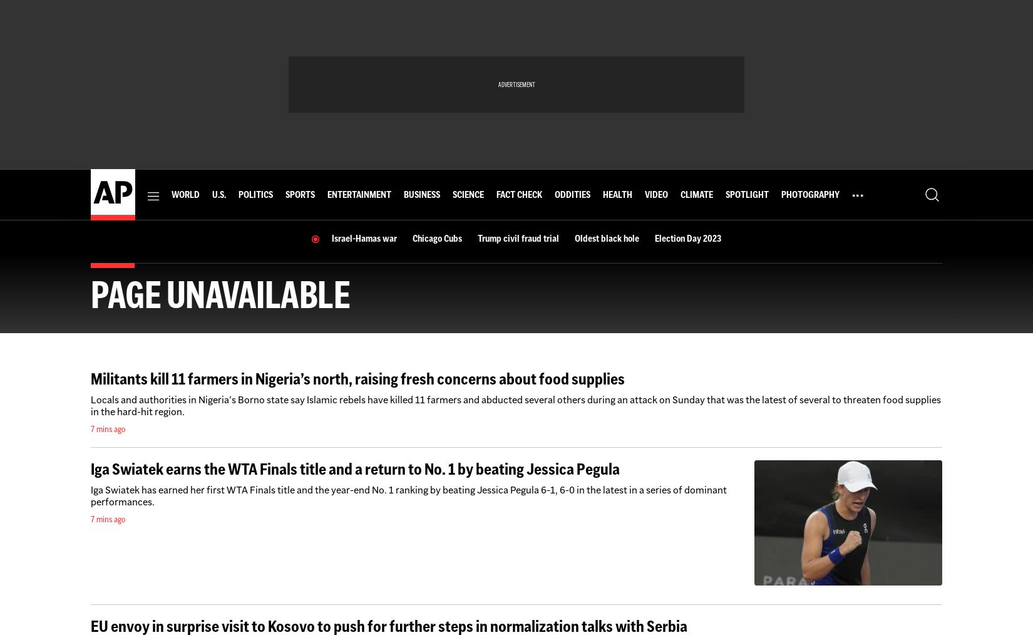  Describe the element at coordinates (354, 468) in the screenshot. I see `'Iga Swiatek earns the WTA Finals title and a return to No. 1 by beating Jessica Pegula'` at that location.